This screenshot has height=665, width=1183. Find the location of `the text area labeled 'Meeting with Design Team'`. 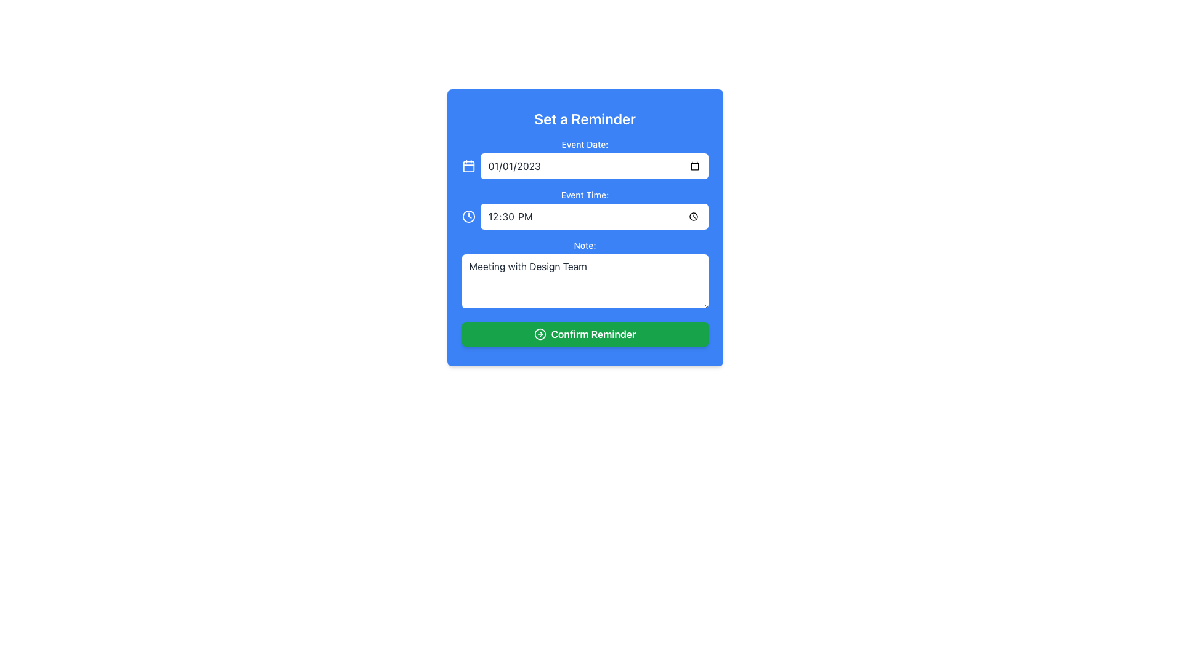

the text area labeled 'Meeting with Design Team' is located at coordinates (584, 275).